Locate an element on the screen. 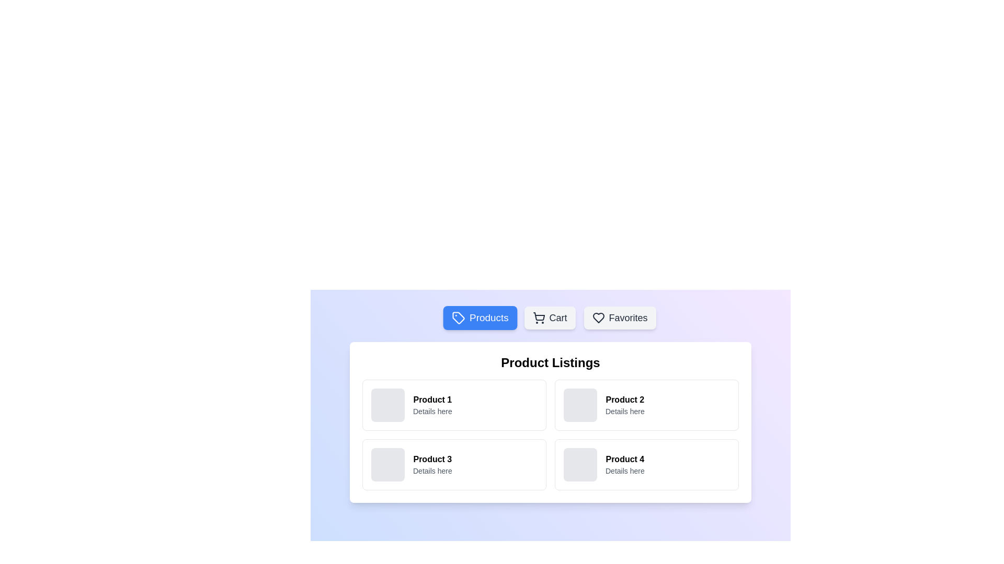 The image size is (1004, 564). the textual component displaying 'Product 1' with the details 'Details here', positioned in the first product card of the 'Product Listings' grid is located at coordinates (432, 404).